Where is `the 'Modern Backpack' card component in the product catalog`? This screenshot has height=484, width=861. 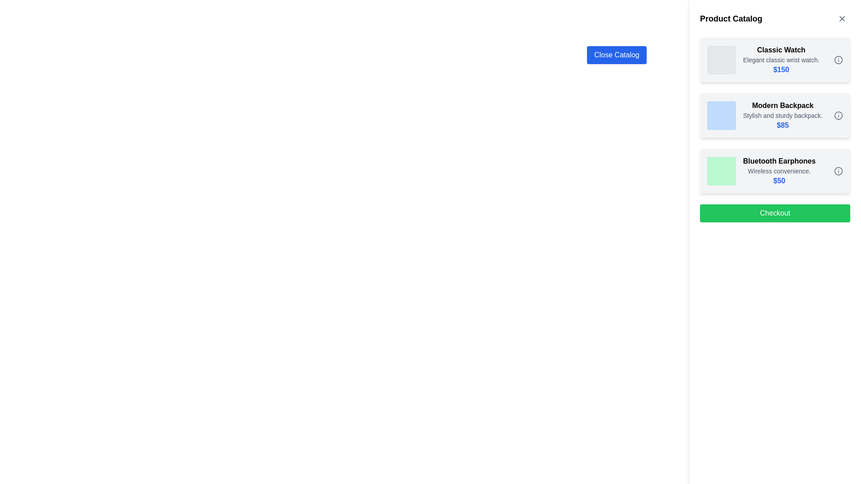 the 'Modern Backpack' card component in the product catalog is located at coordinates (774, 115).